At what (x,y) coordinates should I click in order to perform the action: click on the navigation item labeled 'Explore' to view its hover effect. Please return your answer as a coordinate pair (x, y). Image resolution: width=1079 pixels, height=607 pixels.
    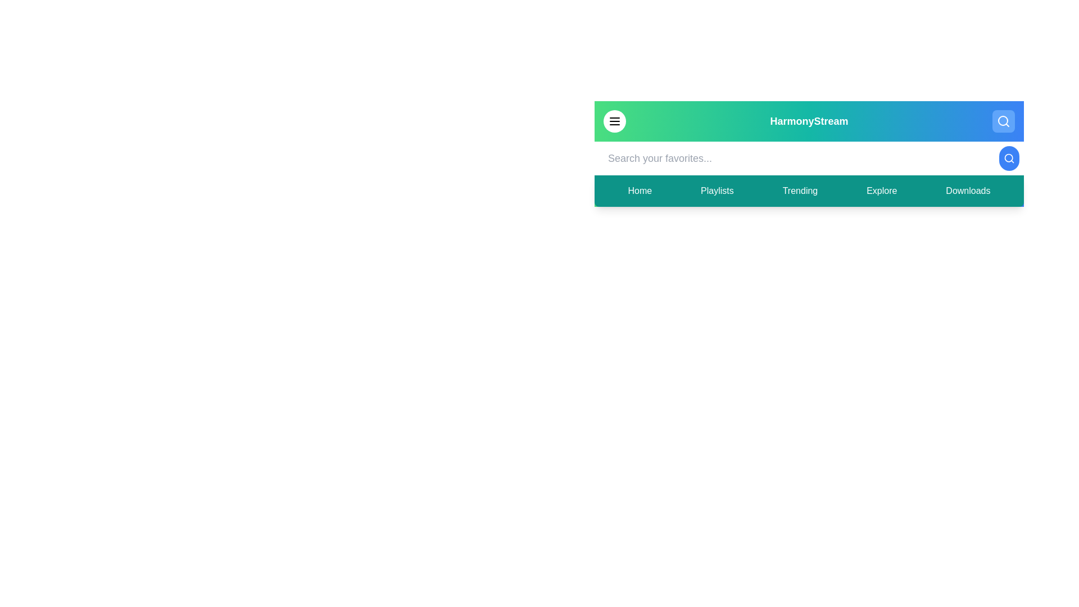
    Looking at the image, I should click on (881, 190).